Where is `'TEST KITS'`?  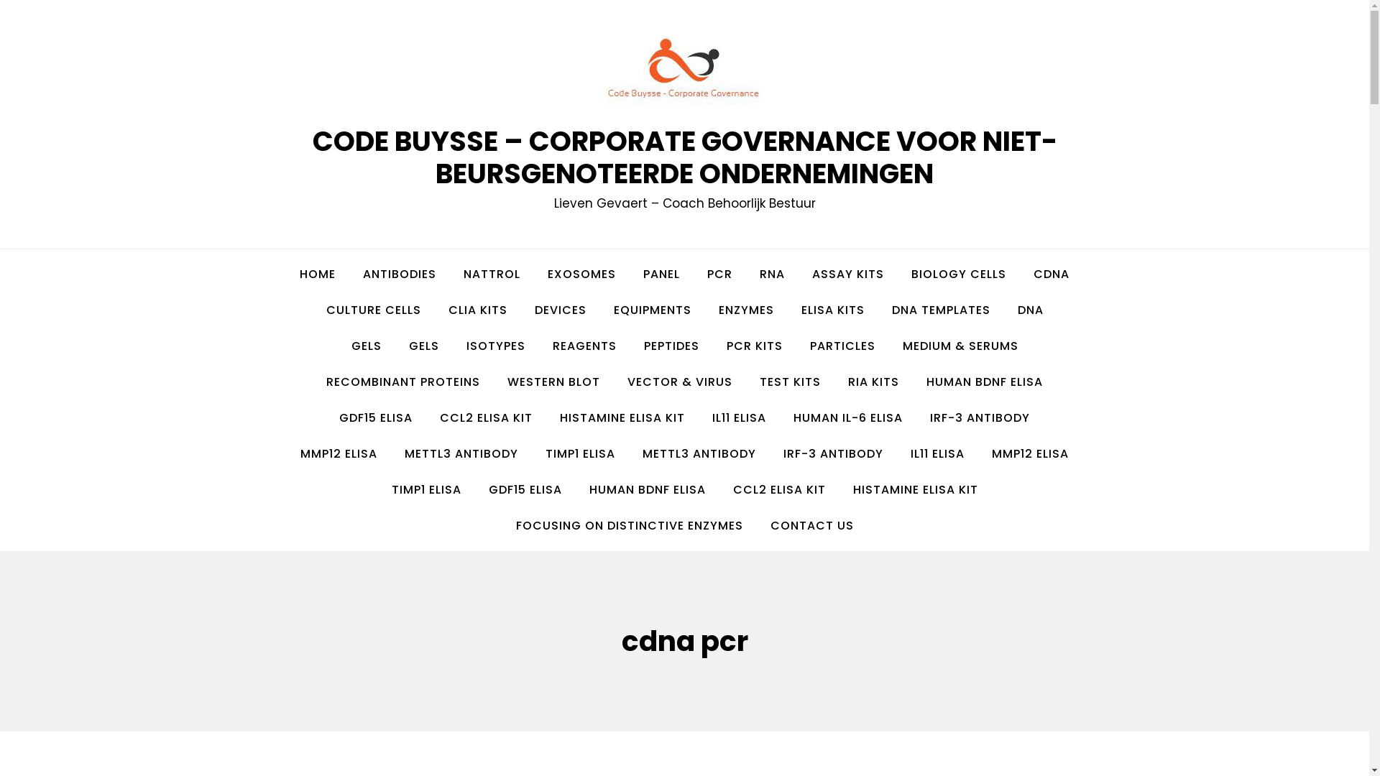
'TEST KITS' is located at coordinates (789, 382).